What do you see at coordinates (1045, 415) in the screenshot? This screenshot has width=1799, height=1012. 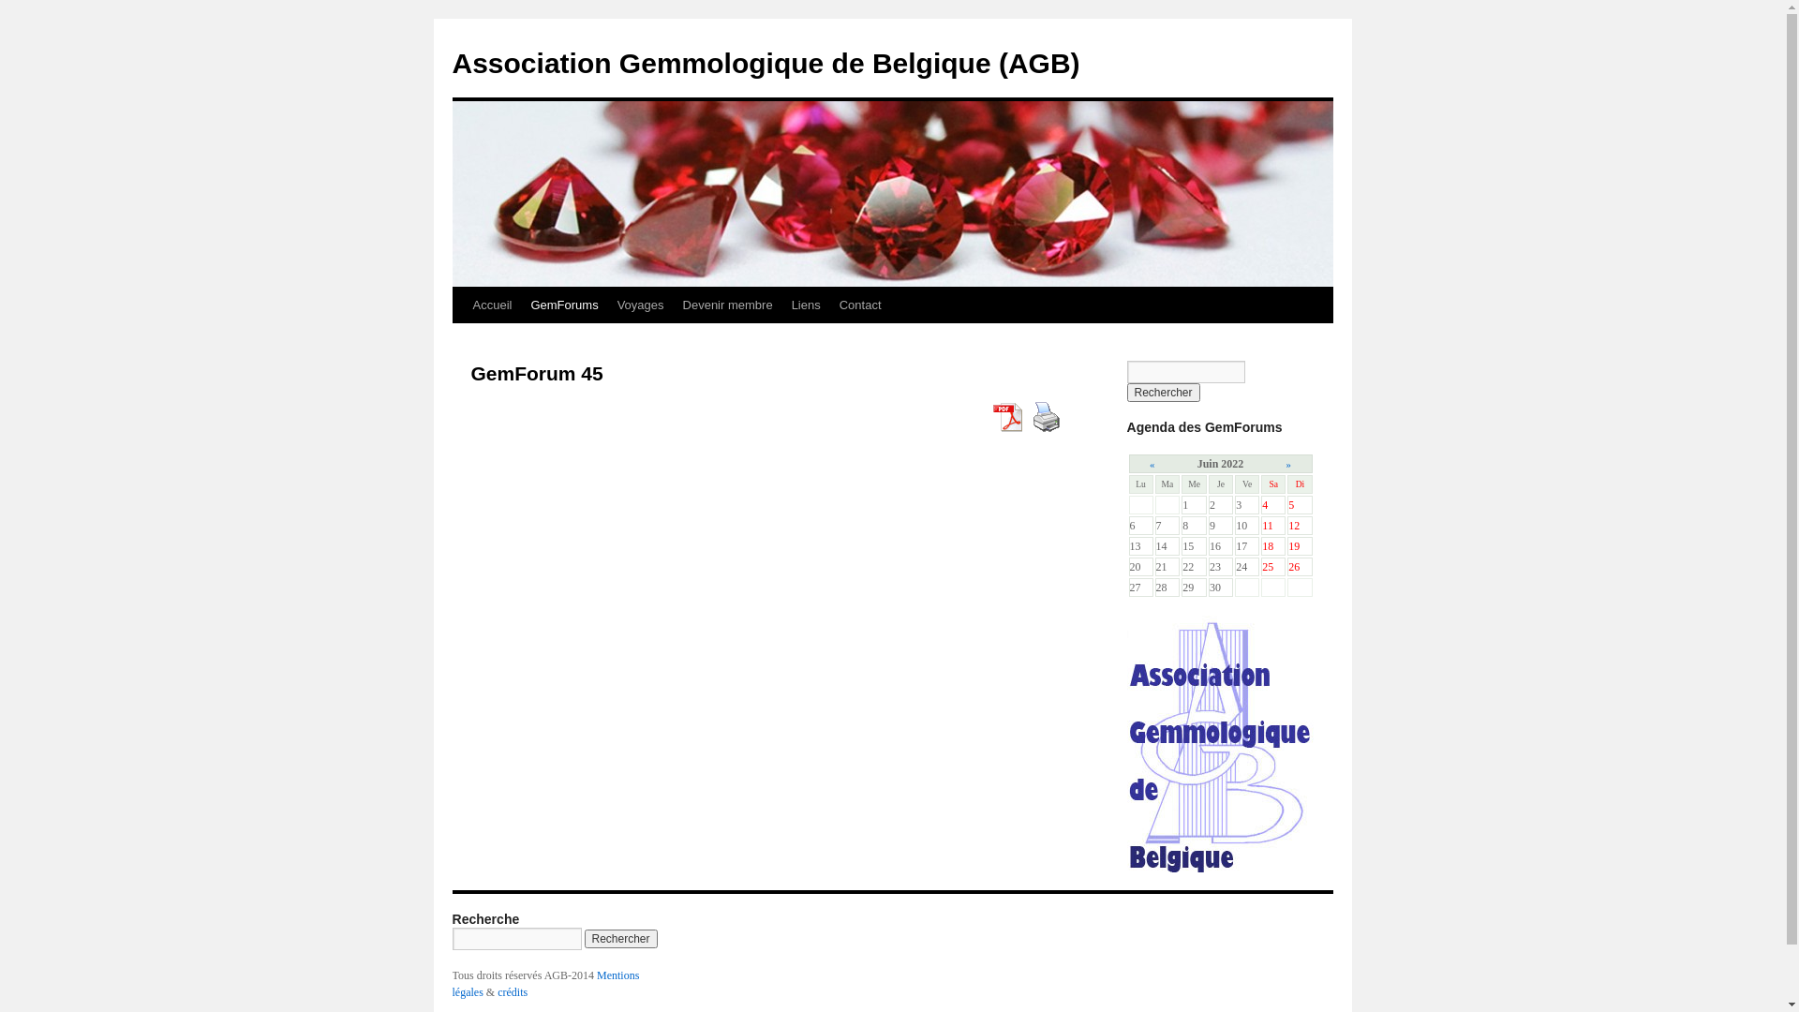 I see `'Print Content'` at bounding box center [1045, 415].